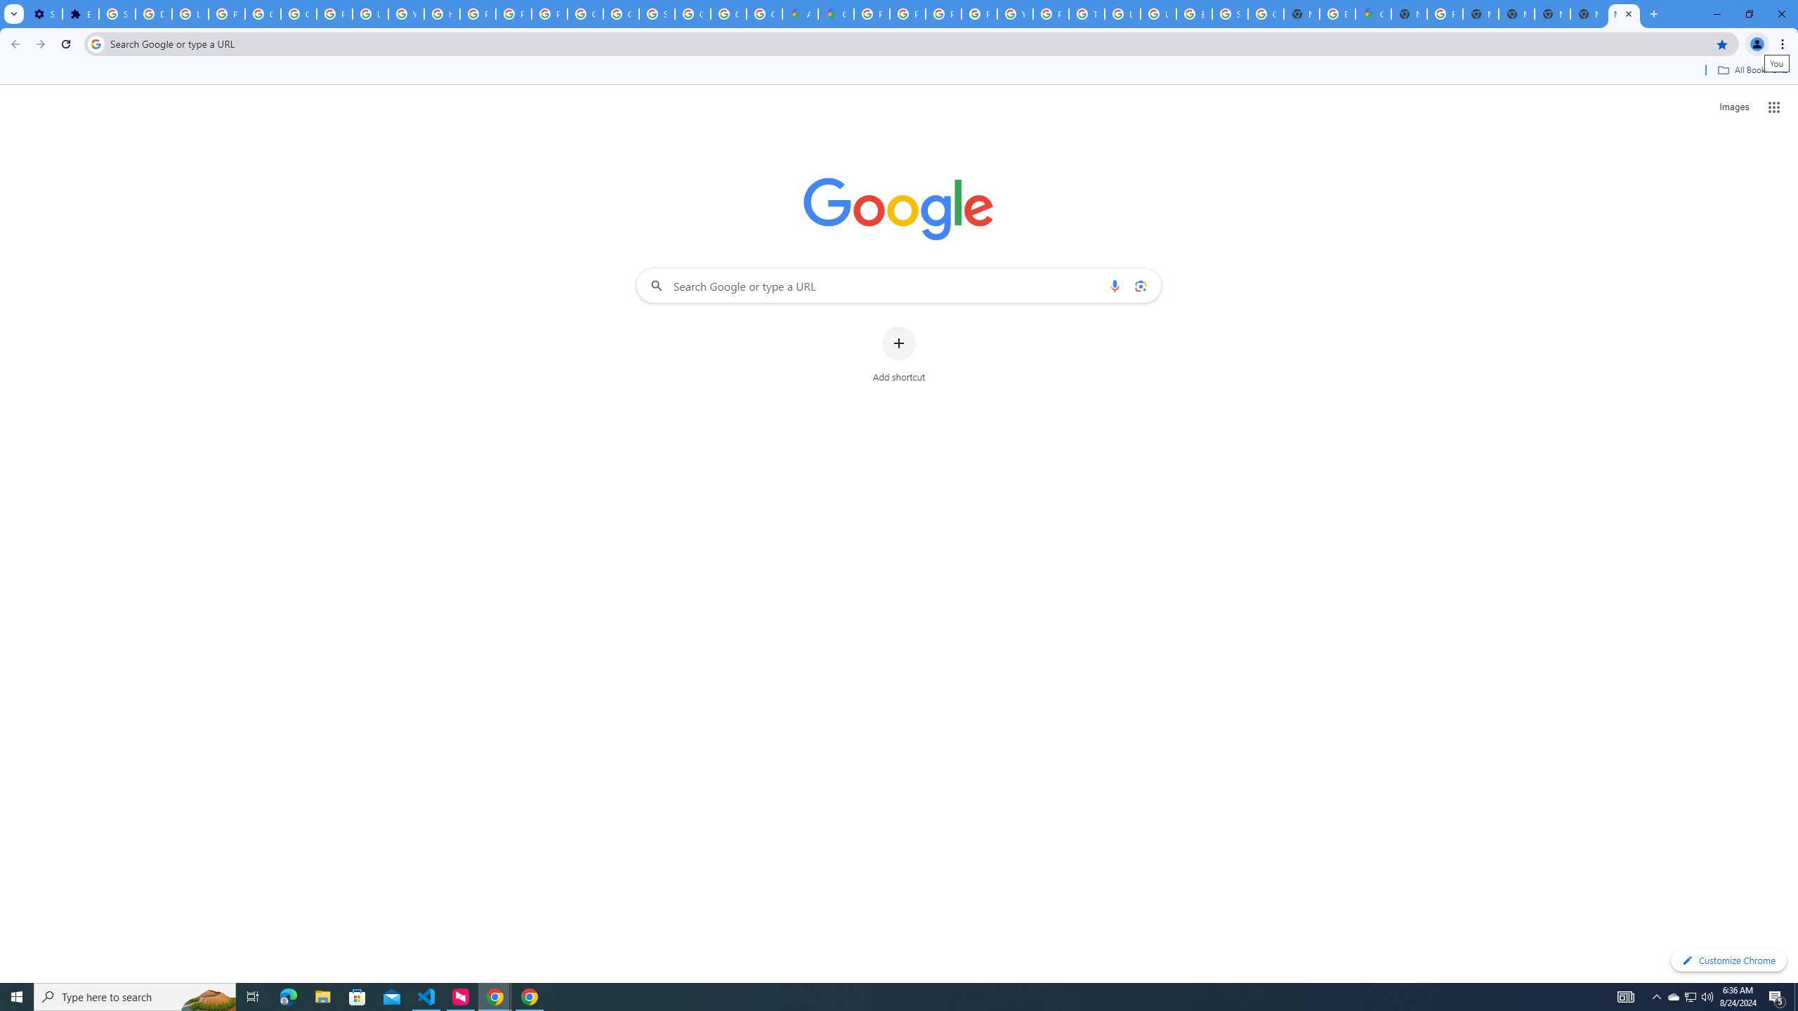 The image size is (1798, 1011). I want to click on 'Create your Google Account', so click(764, 13).